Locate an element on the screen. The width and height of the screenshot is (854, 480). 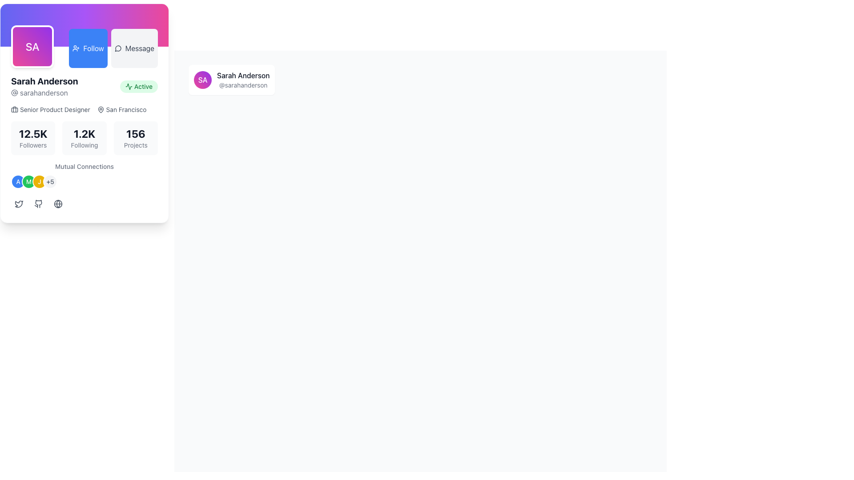
the location identifier element displaying 'San Francisco' which is positioned below the job title 'Senior Product Designer' in the profile card is located at coordinates (121, 109).